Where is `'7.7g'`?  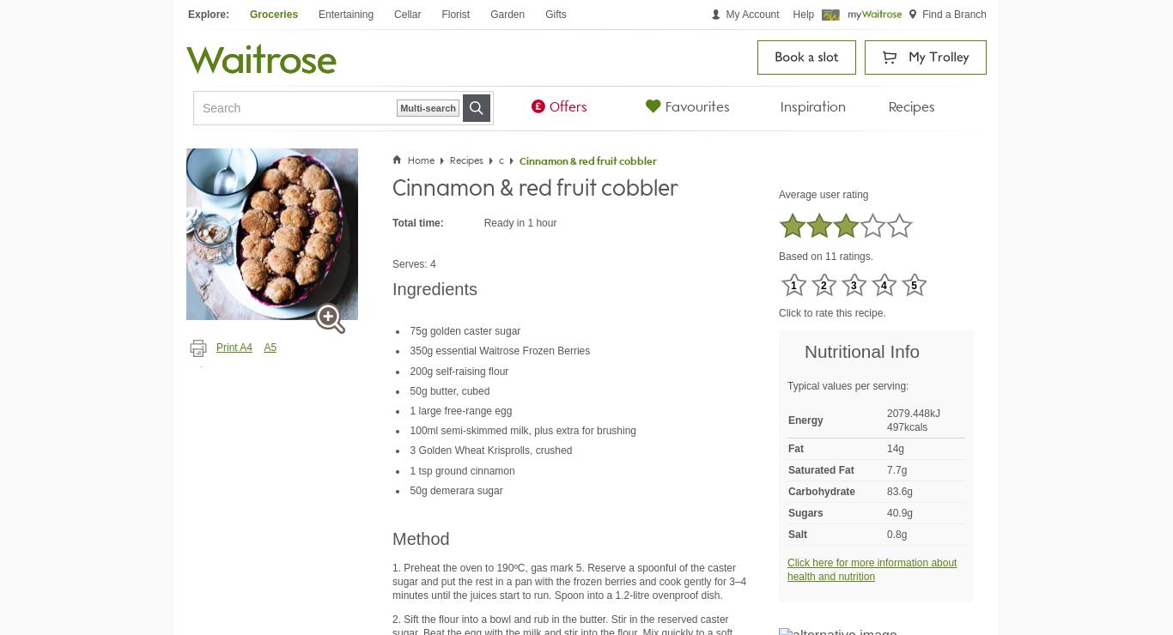
'7.7g' is located at coordinates (896, 469).